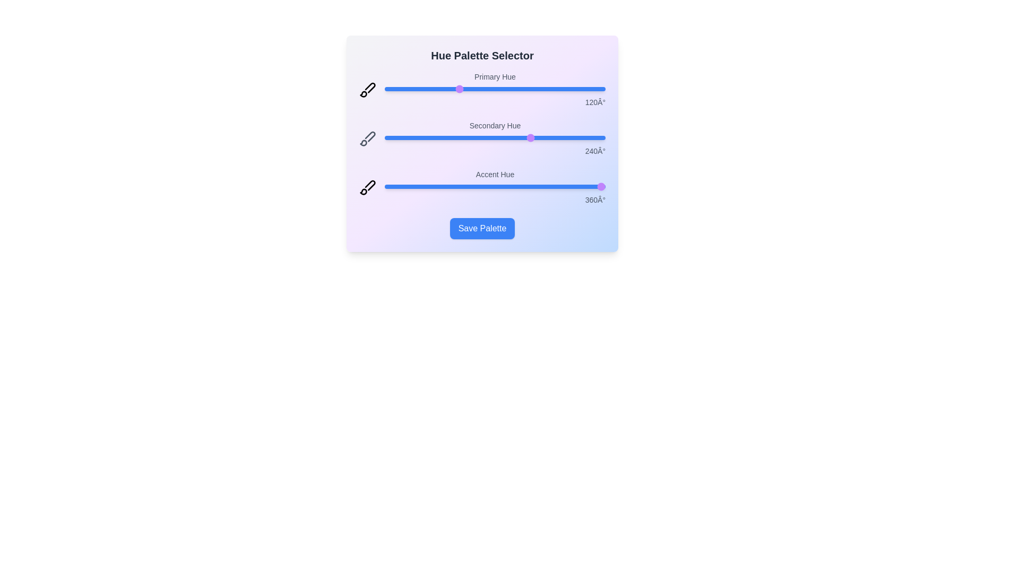 This screenshot has height=573, width=1019. Describe the element at coordinates (485, 137) in the screenshot. I see `the 'Secondary Hue' slider to 164 degrees` at that location.